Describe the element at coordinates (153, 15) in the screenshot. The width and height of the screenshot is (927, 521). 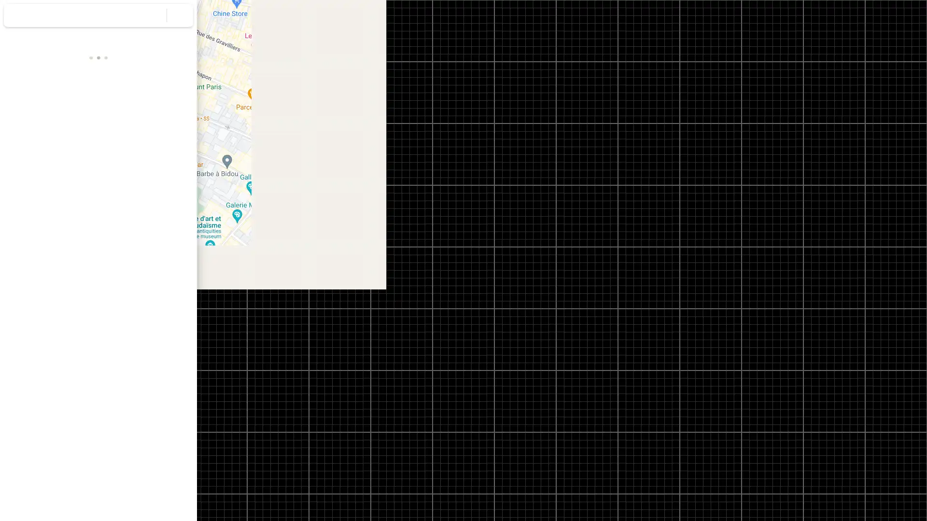
I see `Search` at that location.